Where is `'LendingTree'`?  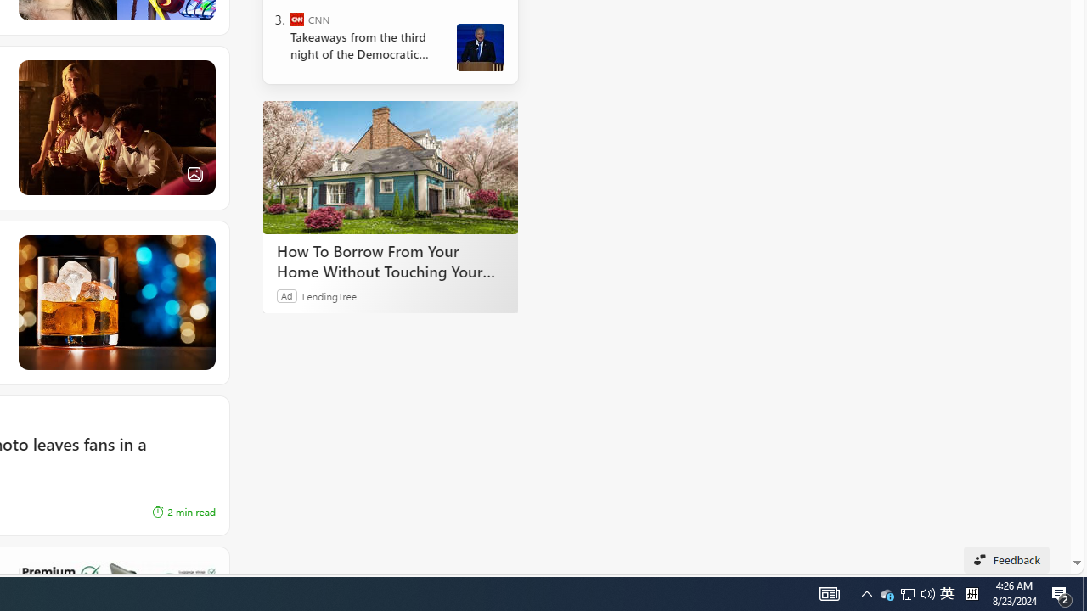 'LendingTree' is located at coordinates (329, 294).